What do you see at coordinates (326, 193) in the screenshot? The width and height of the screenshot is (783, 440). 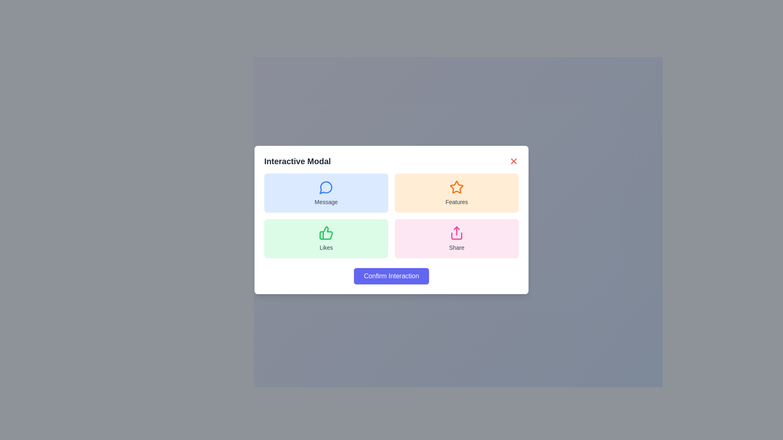 I see `the 'Message' button located in the top-left quadrant of the interface, which is the first element in a grid layout that includes 'Features,' 'Likes,' and 'Share.'` at bounding box center [326, 193].